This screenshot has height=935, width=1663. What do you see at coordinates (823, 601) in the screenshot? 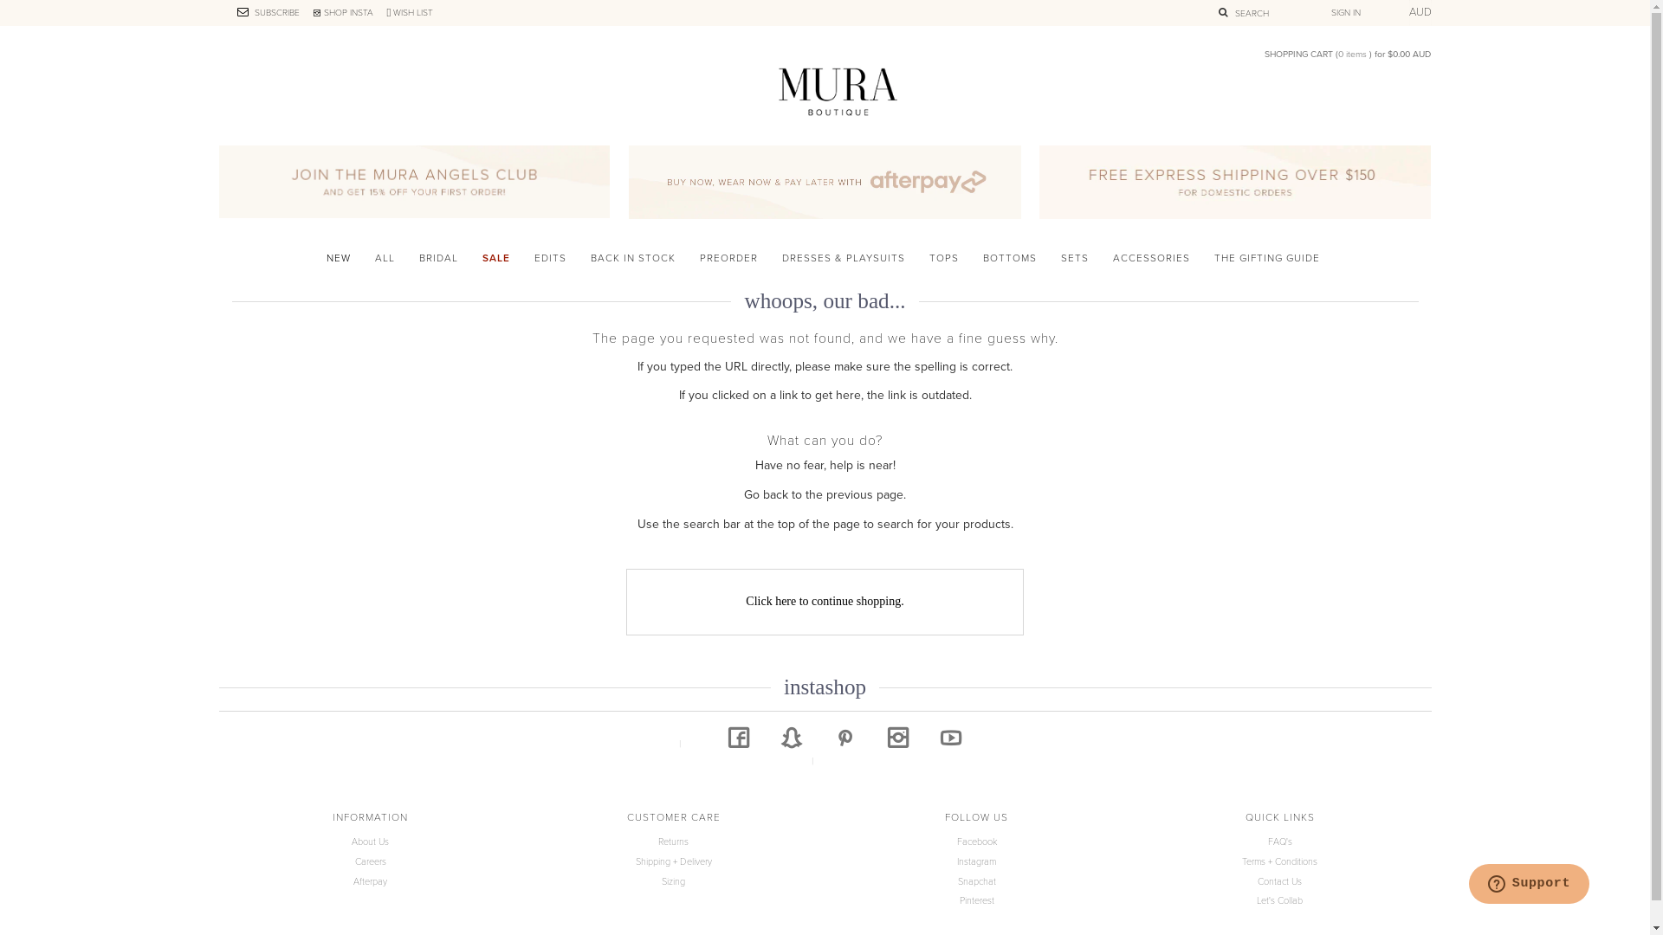
I see `'Click here to continue shopping.'` at bounding box center [823, 601].